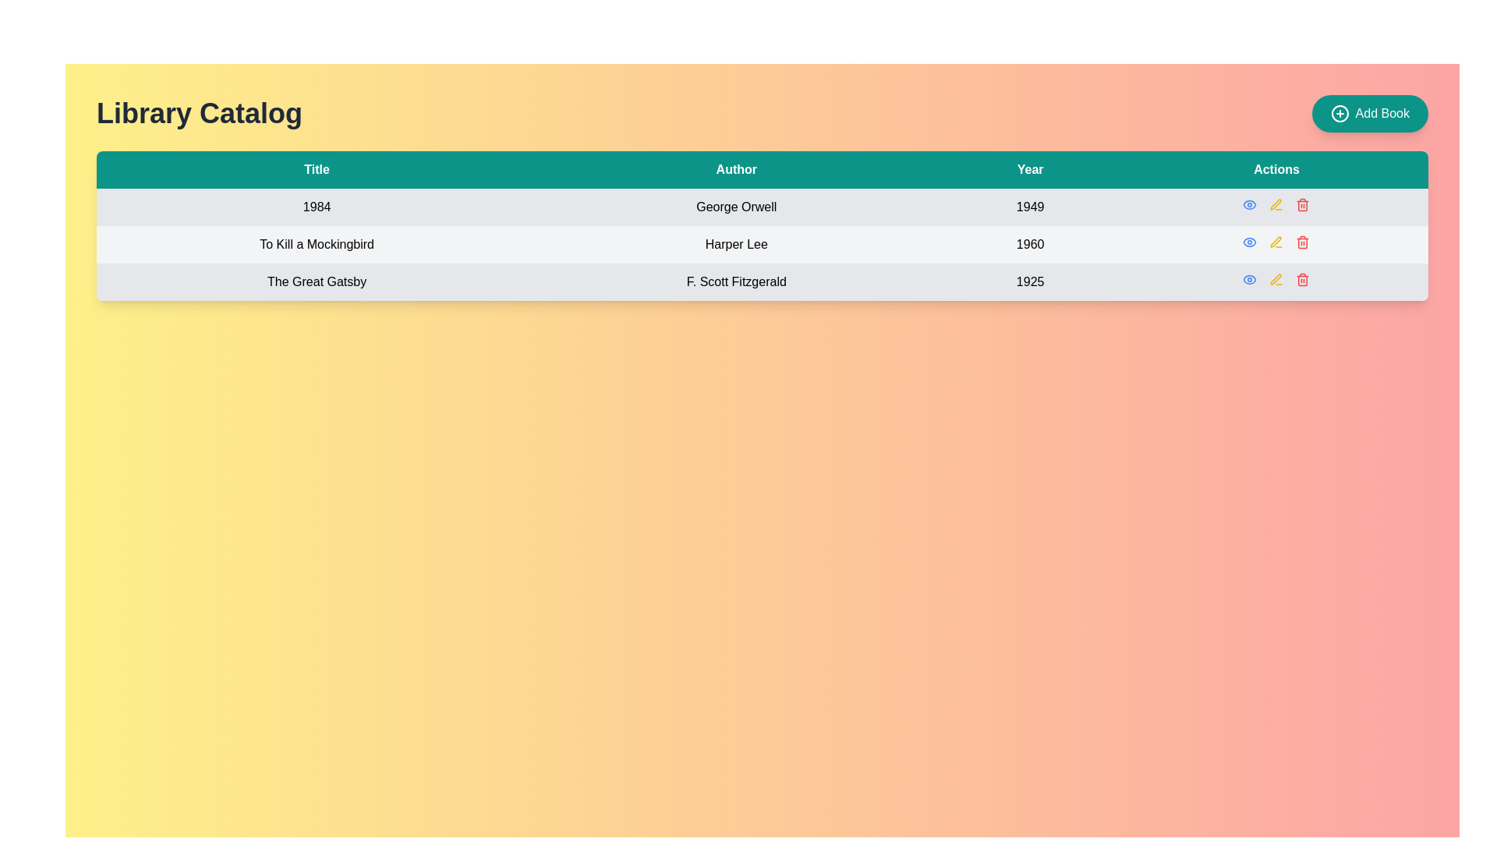 The height and width of the screenshot is (842, 1497). I want to click on the pen icon button located in the second row of the 'Actions' column of the table to initiate the edit action, so click(1276, 278).